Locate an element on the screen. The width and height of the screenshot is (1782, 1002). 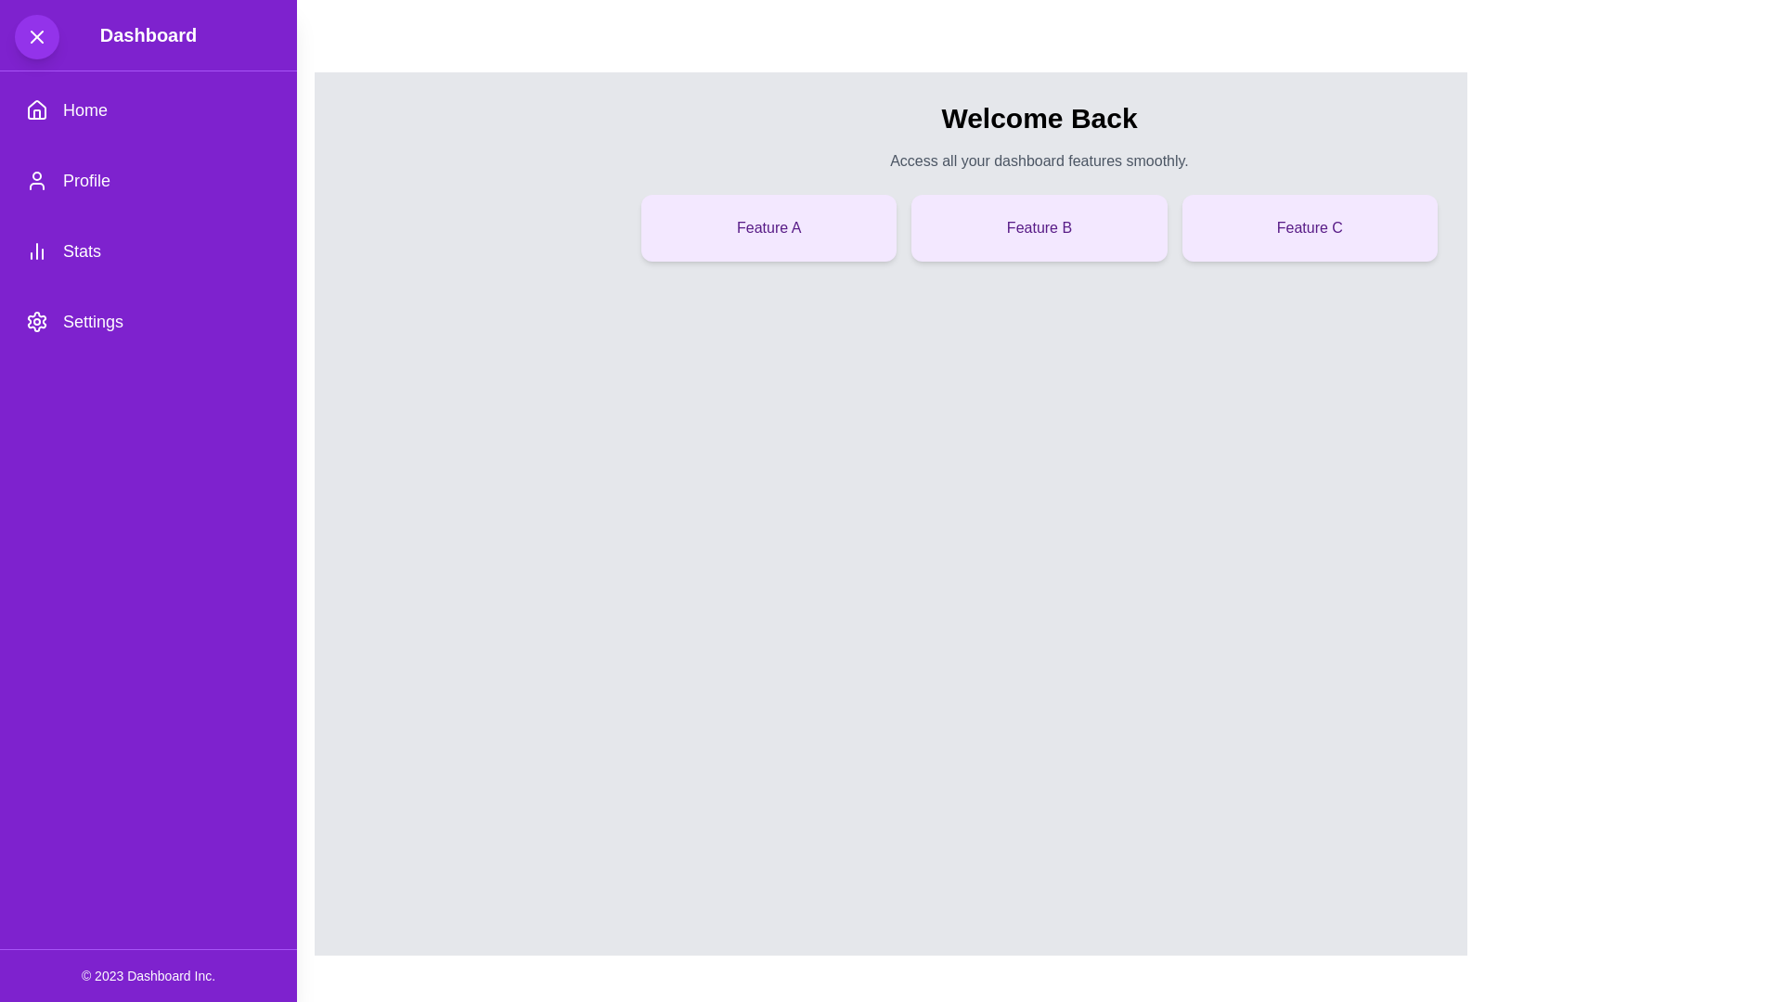
the close icon located in the sidebar near the text 'Dashboard' is located at coordinates (36, 36).